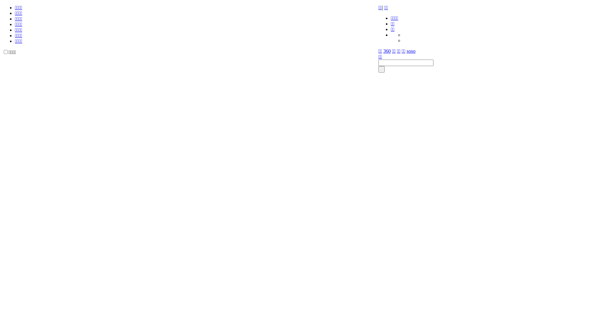  What do you see at coordinates (411, 51) in the screenshot?
I see `'soso'` at bounding box center [411, 51].